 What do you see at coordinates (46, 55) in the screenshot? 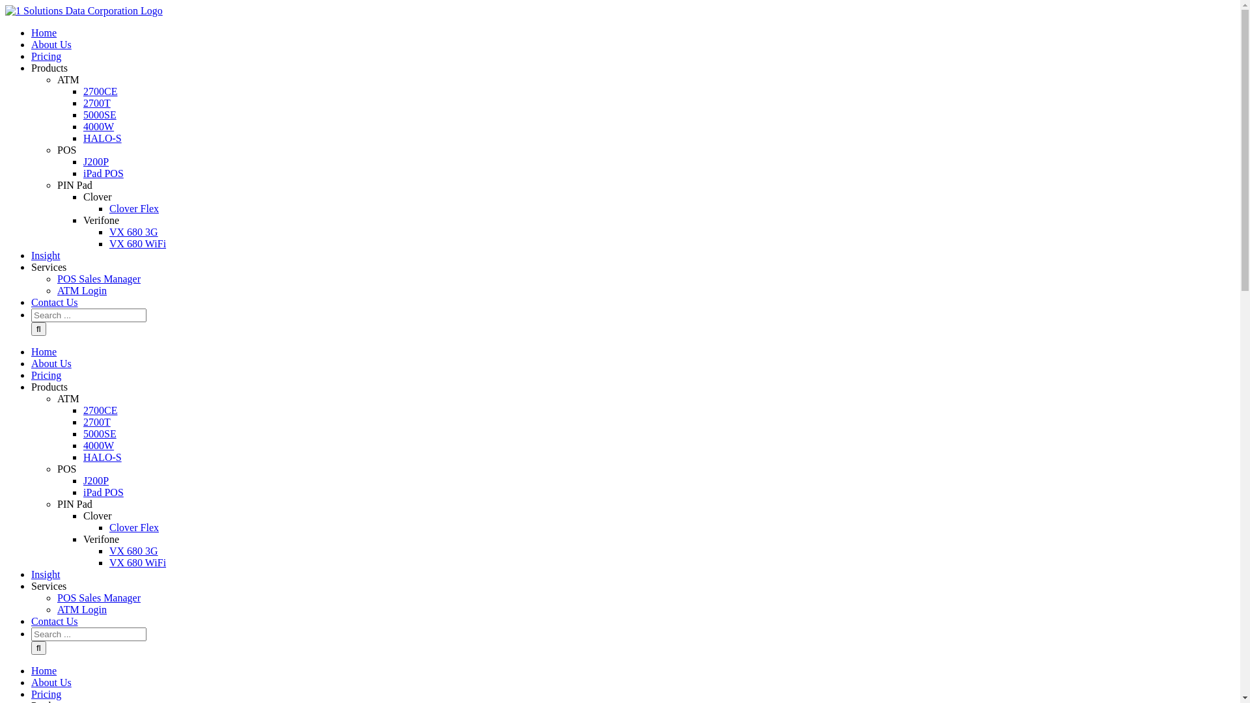
I see `'Pricing'` at bounding box center [46, 55].